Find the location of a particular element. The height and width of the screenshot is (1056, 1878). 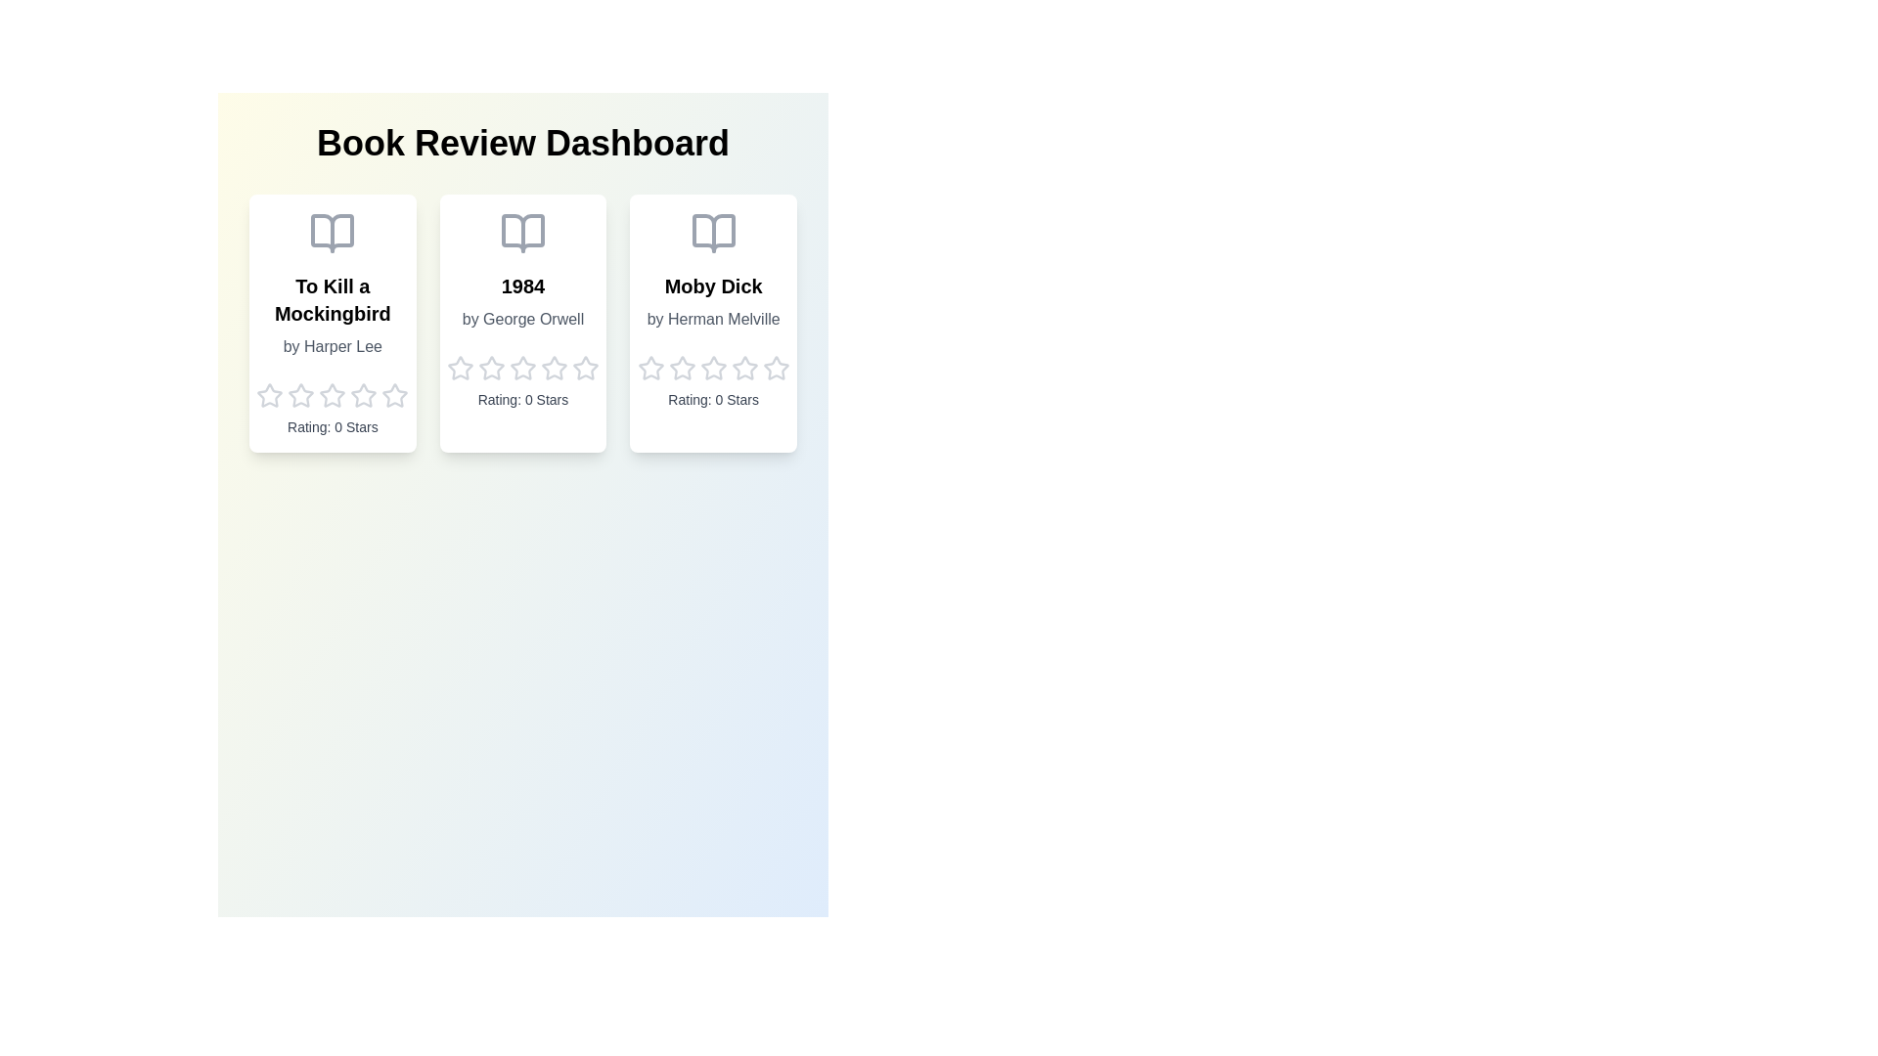

the book icon for To Kill a Mockingbird is located at coordinates (333, 233).